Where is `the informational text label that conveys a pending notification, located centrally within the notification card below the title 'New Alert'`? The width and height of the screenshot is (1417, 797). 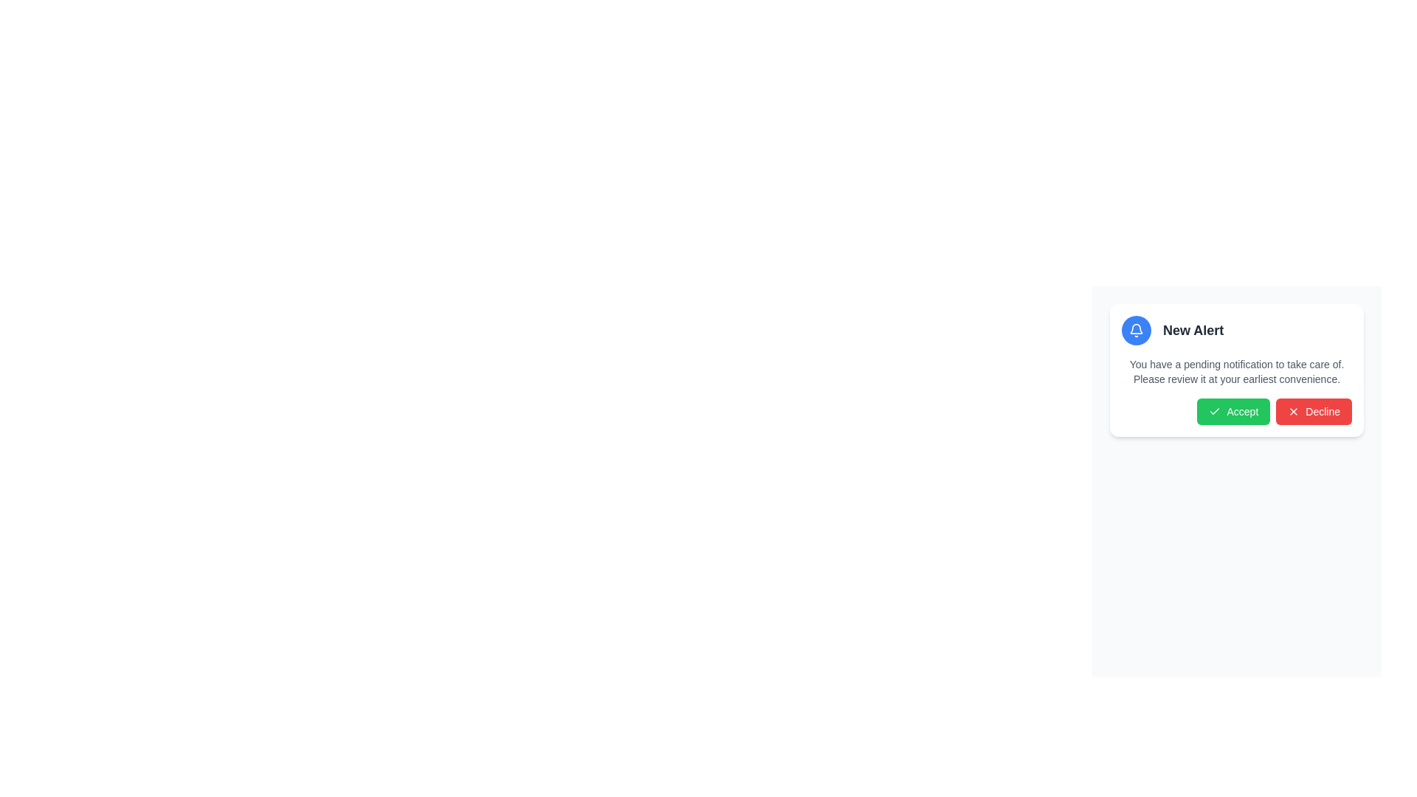 the informational text label that conveys a pending notification, located centrally within the notification card below the title 'New Alert' is located at coordinates (1236, 371).